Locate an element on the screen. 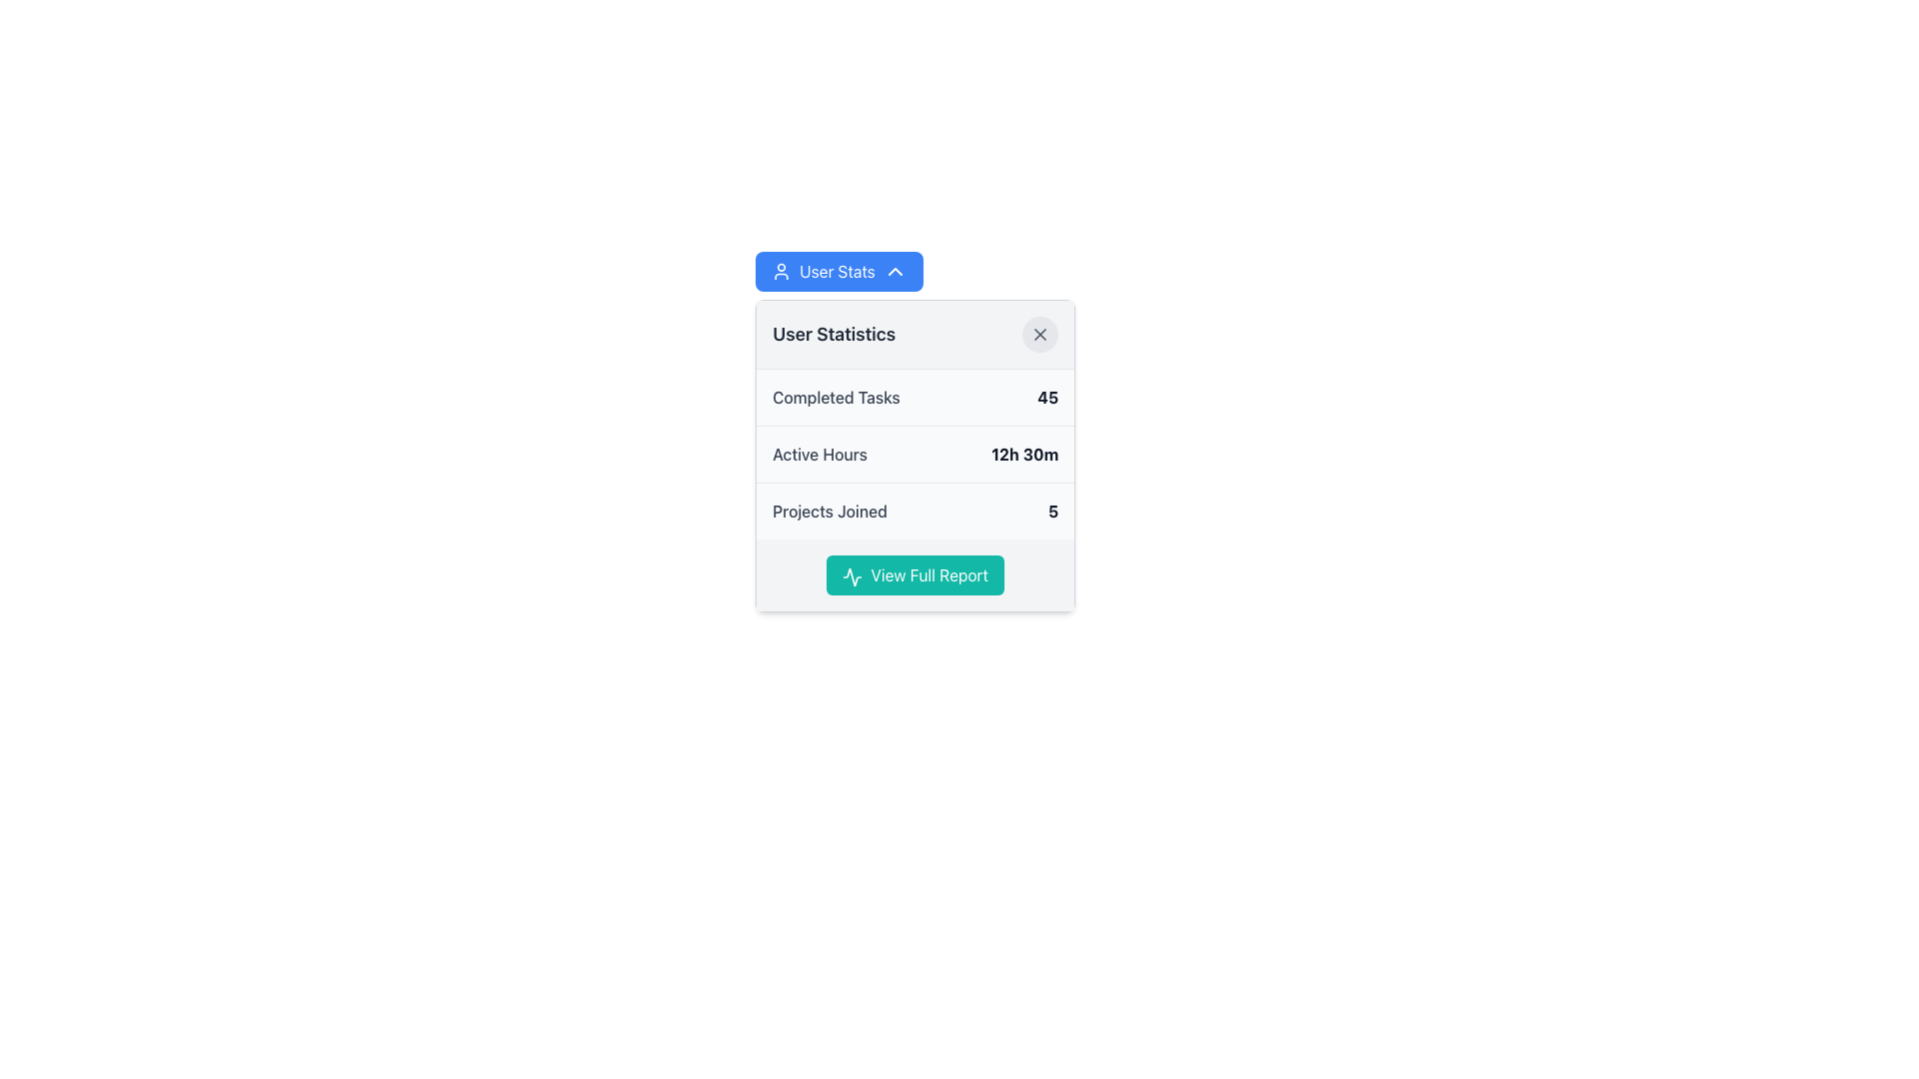 This screenshot has width=1919, height=1079. the button located at the bottom center of the 'User Statistics' card, which provides functionality is located at coordinates (915, 574).